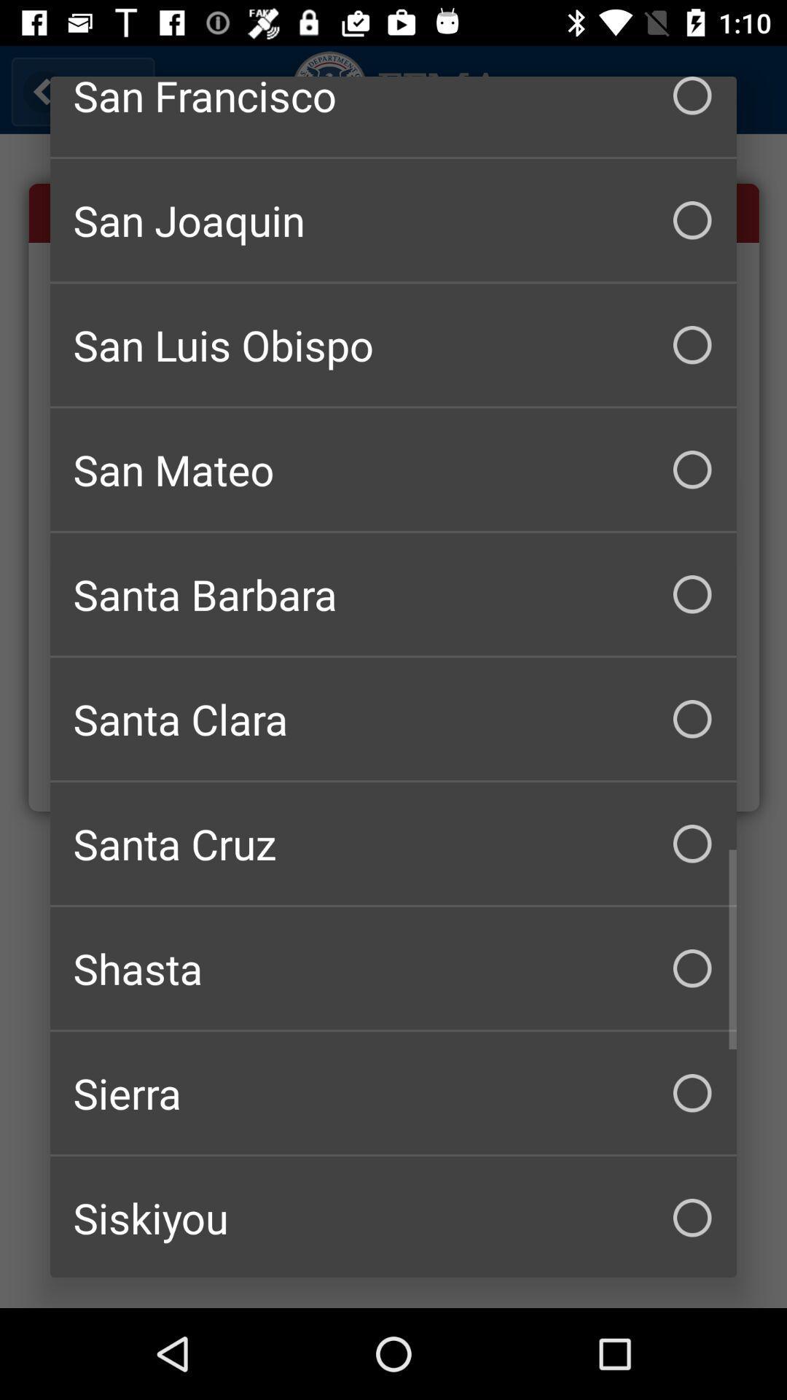 The width and height of the screenshot is (787, 1400). I want to click on the siskiyou checkbox, so click(393, 1217).